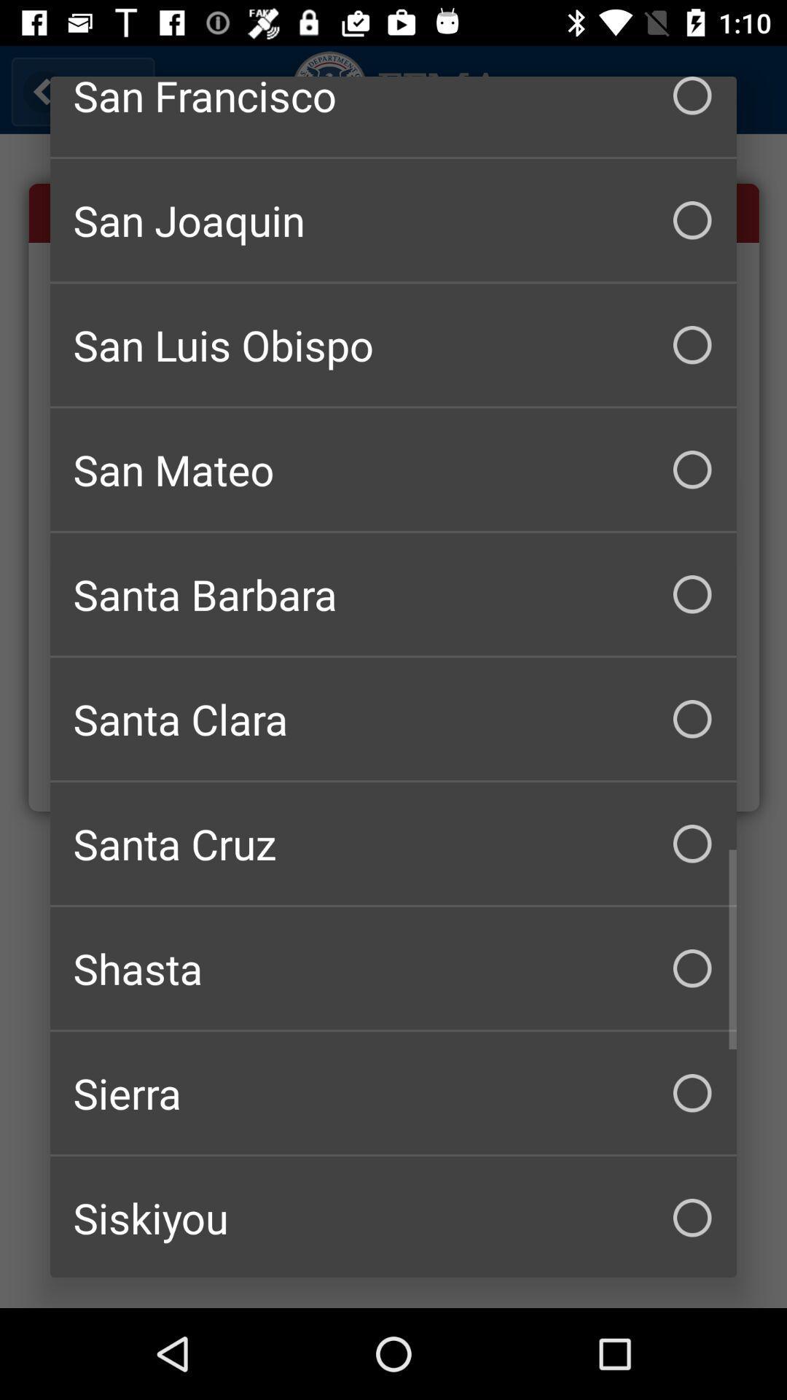 The width and height of the screenshot is (787, 1400). I want to click on the siskiyou checkbox, so click(393, 1217).